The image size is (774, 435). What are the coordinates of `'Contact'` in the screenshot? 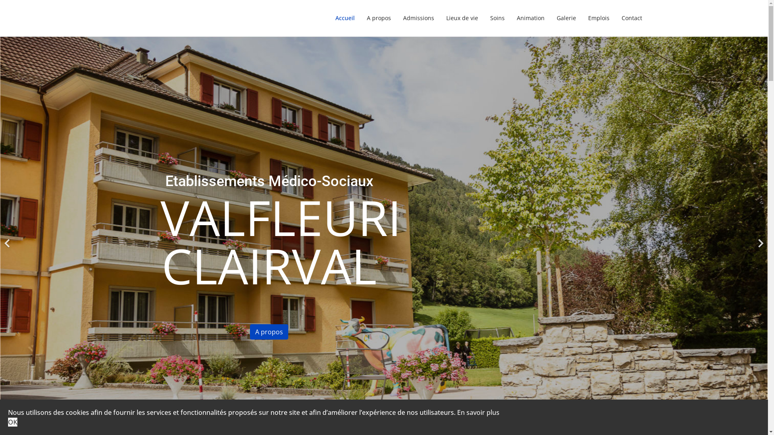 It's located at (615, 18).